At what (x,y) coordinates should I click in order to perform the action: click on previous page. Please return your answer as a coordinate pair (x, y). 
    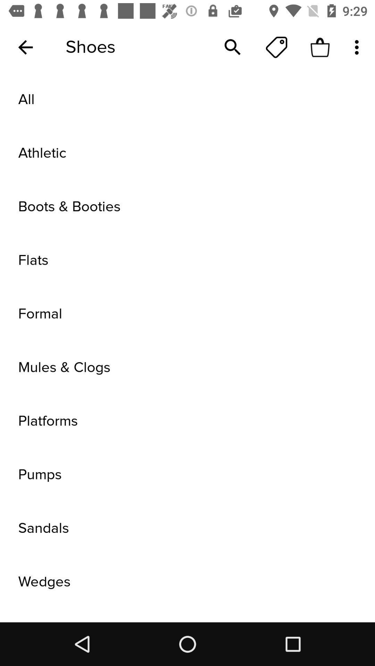
    Looking at the image, I should click on (25, 47).